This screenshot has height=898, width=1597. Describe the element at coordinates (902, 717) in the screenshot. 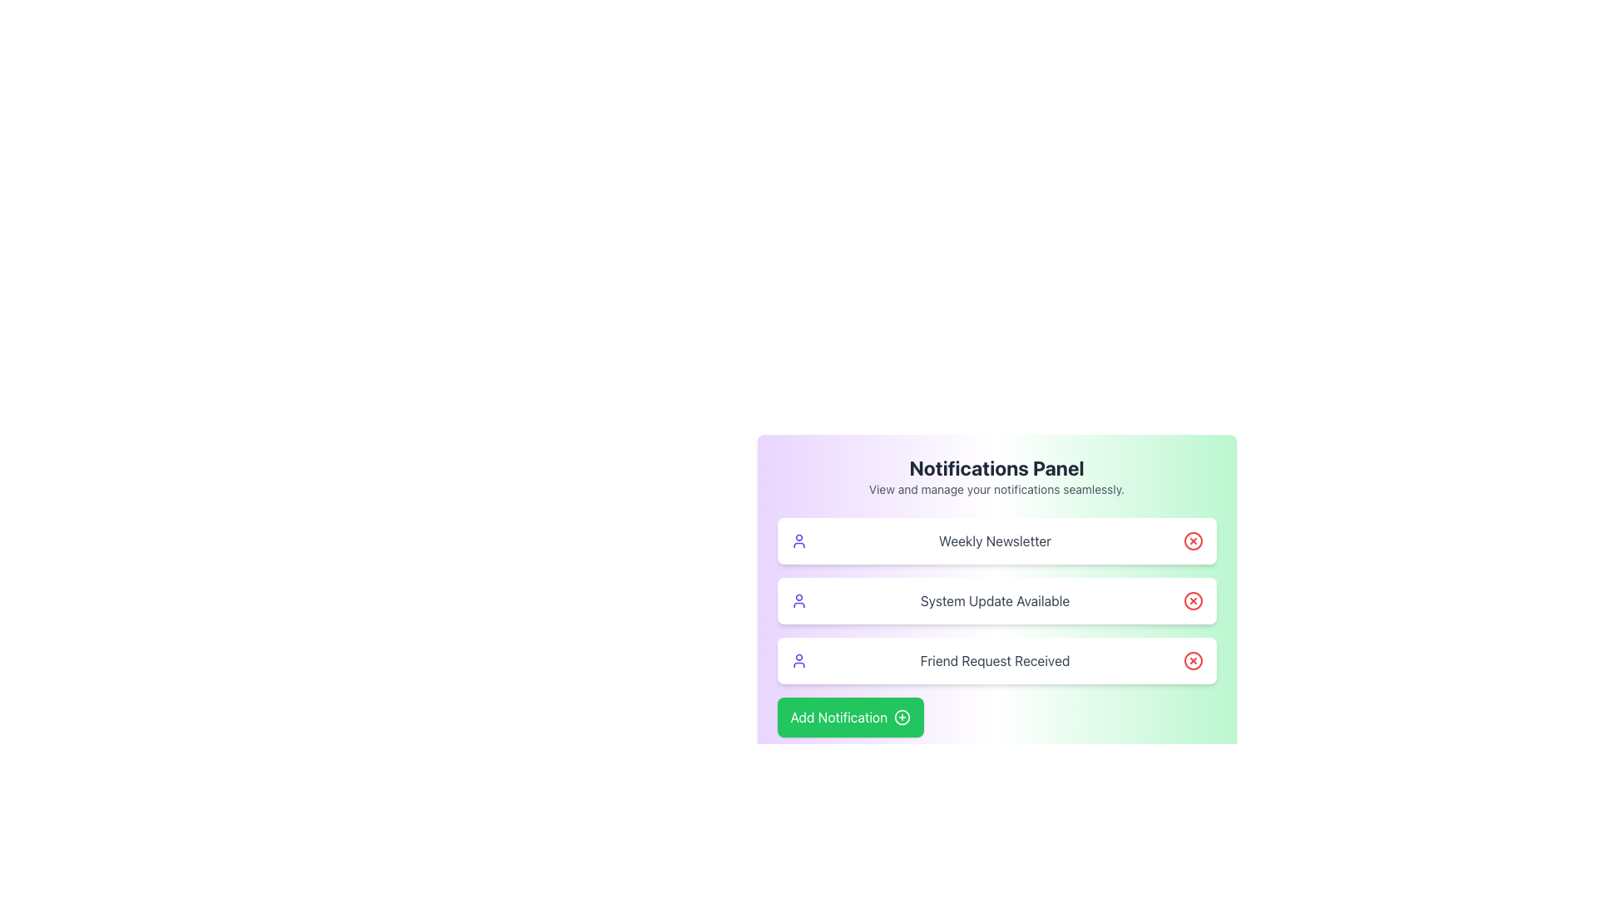

I see `the central circular shape of the '+' icon in the notification management panel, which is part of the 'Add Notification' button` at that location.